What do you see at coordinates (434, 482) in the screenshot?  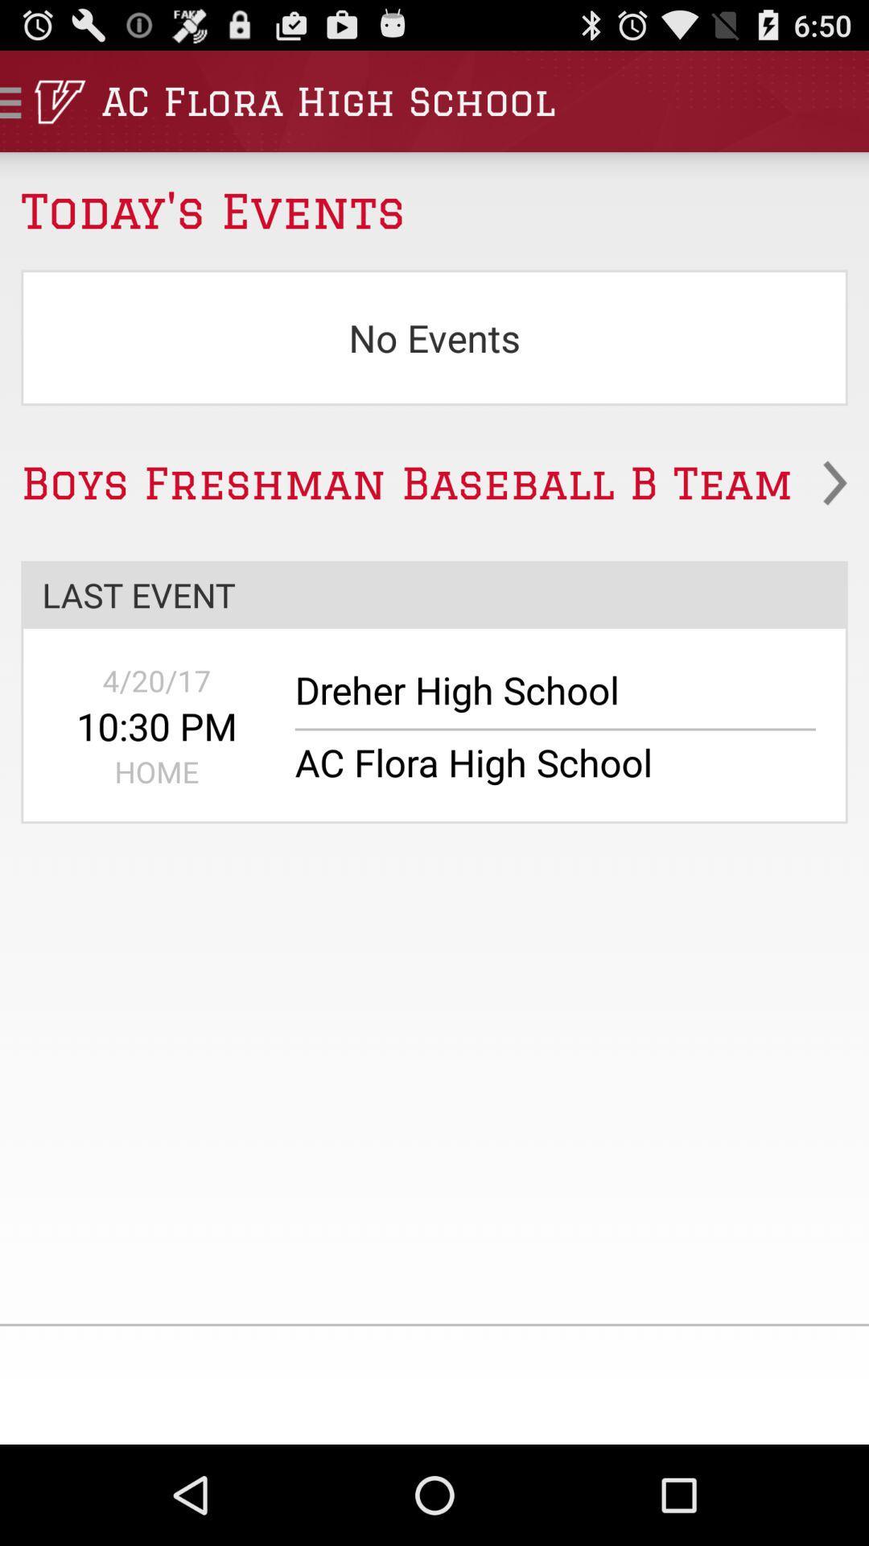 I see `the boys freshman baseball` at bounding box center [434, 482].